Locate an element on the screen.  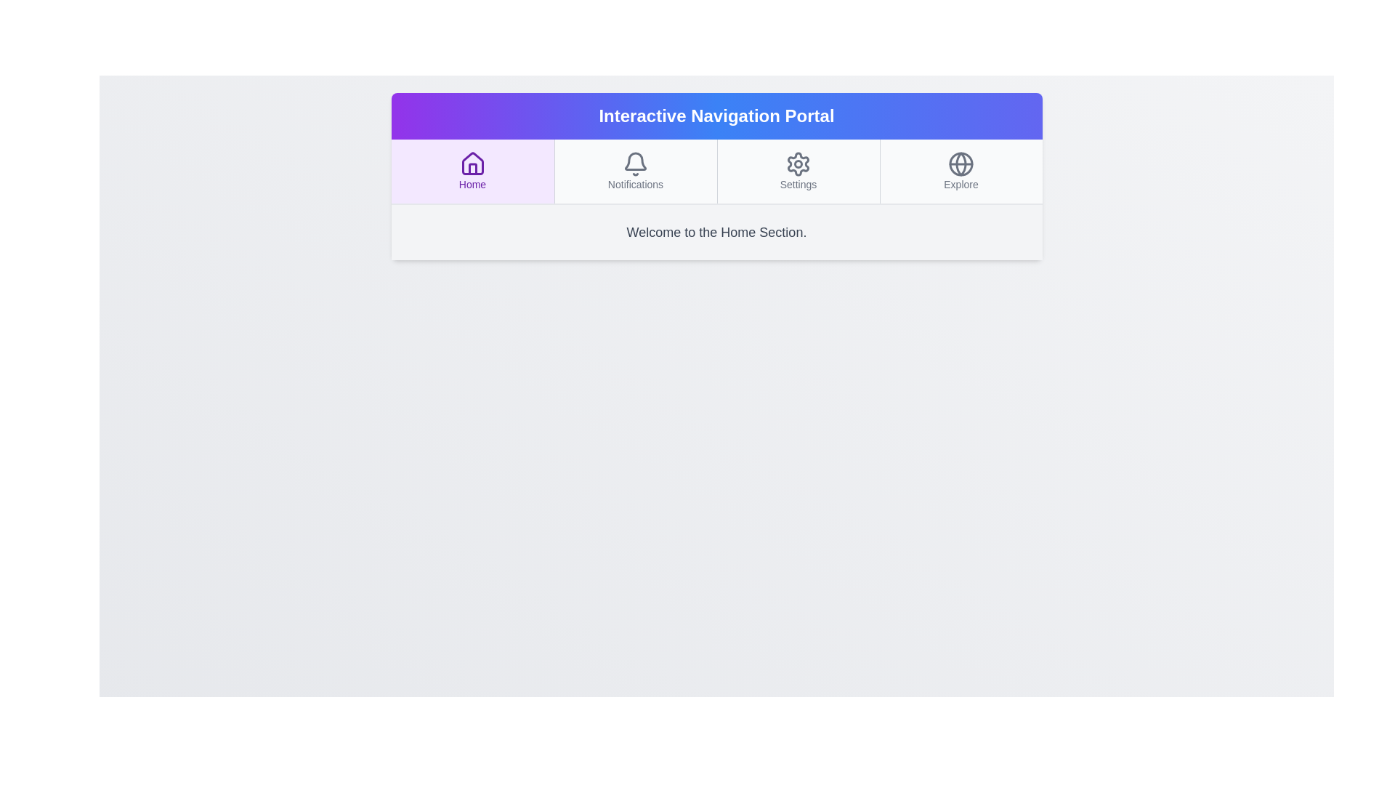
the bell icon representing notifications, which is located is located at coordinates (635, 164).